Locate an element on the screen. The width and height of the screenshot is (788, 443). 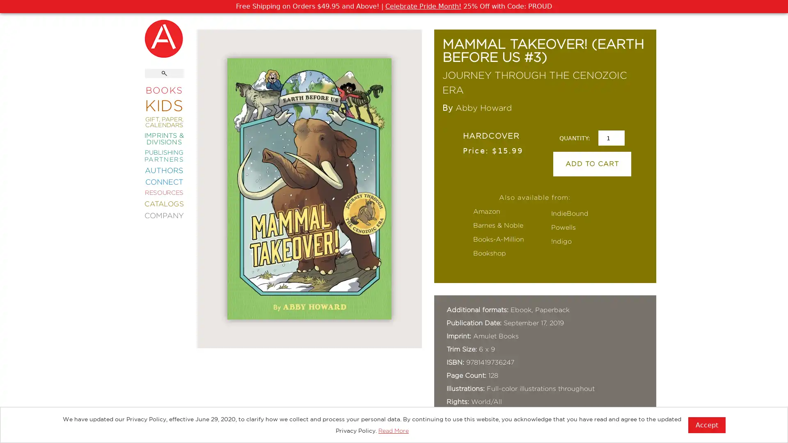
ADD TO CART is located at coordinates (591, 164).